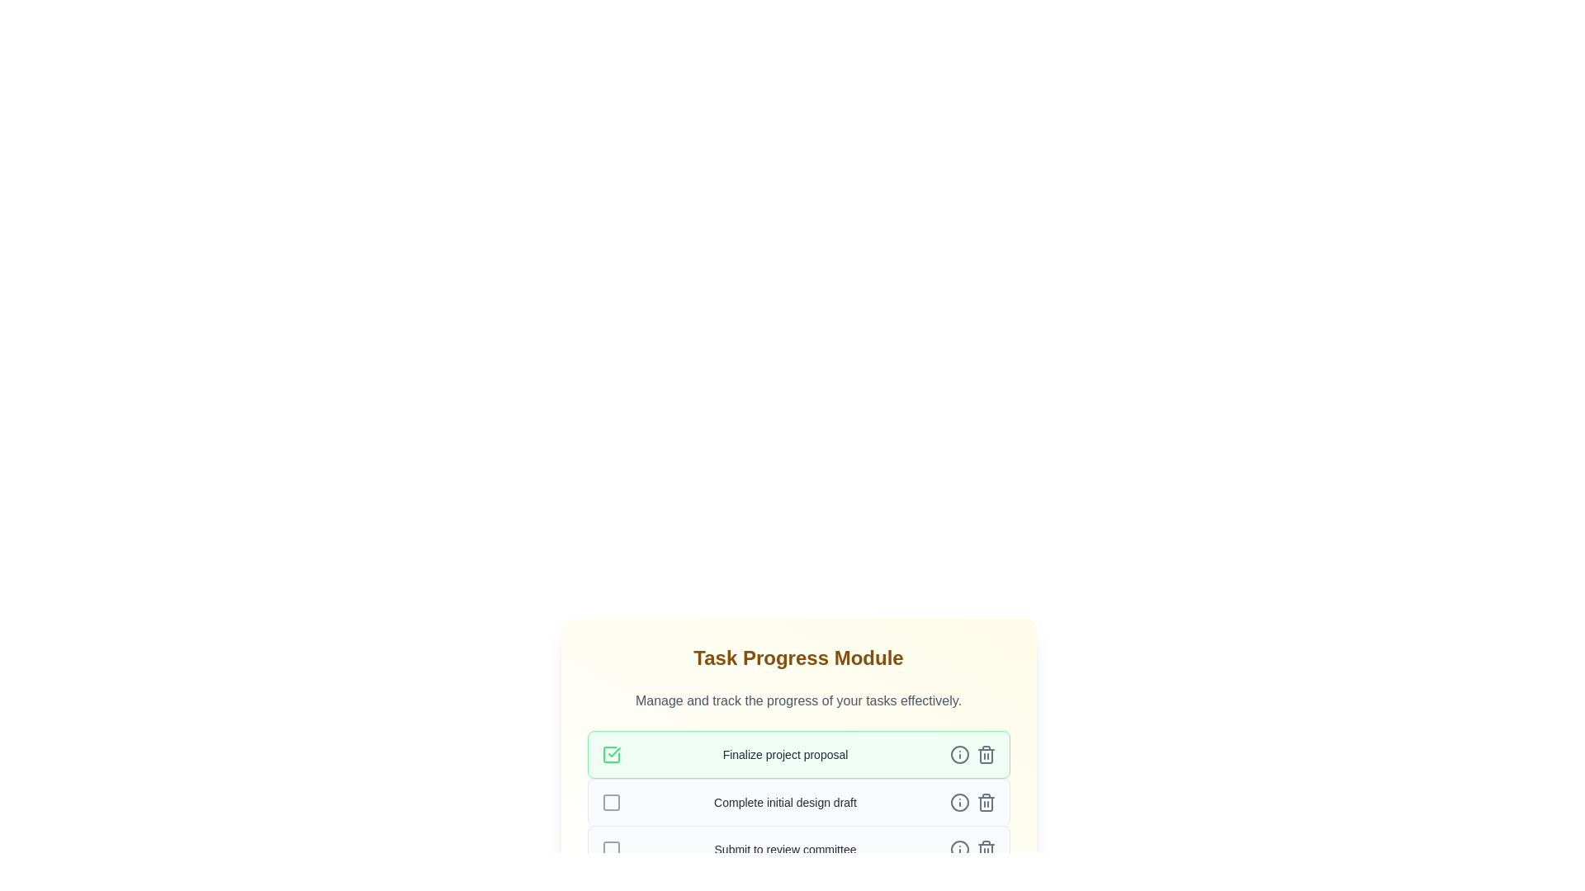  What do you see at coordinates (986, 849) in the screenshot?
I see `the trash bin icon button in the action section of the last task row` at bounding box center [986, 849].